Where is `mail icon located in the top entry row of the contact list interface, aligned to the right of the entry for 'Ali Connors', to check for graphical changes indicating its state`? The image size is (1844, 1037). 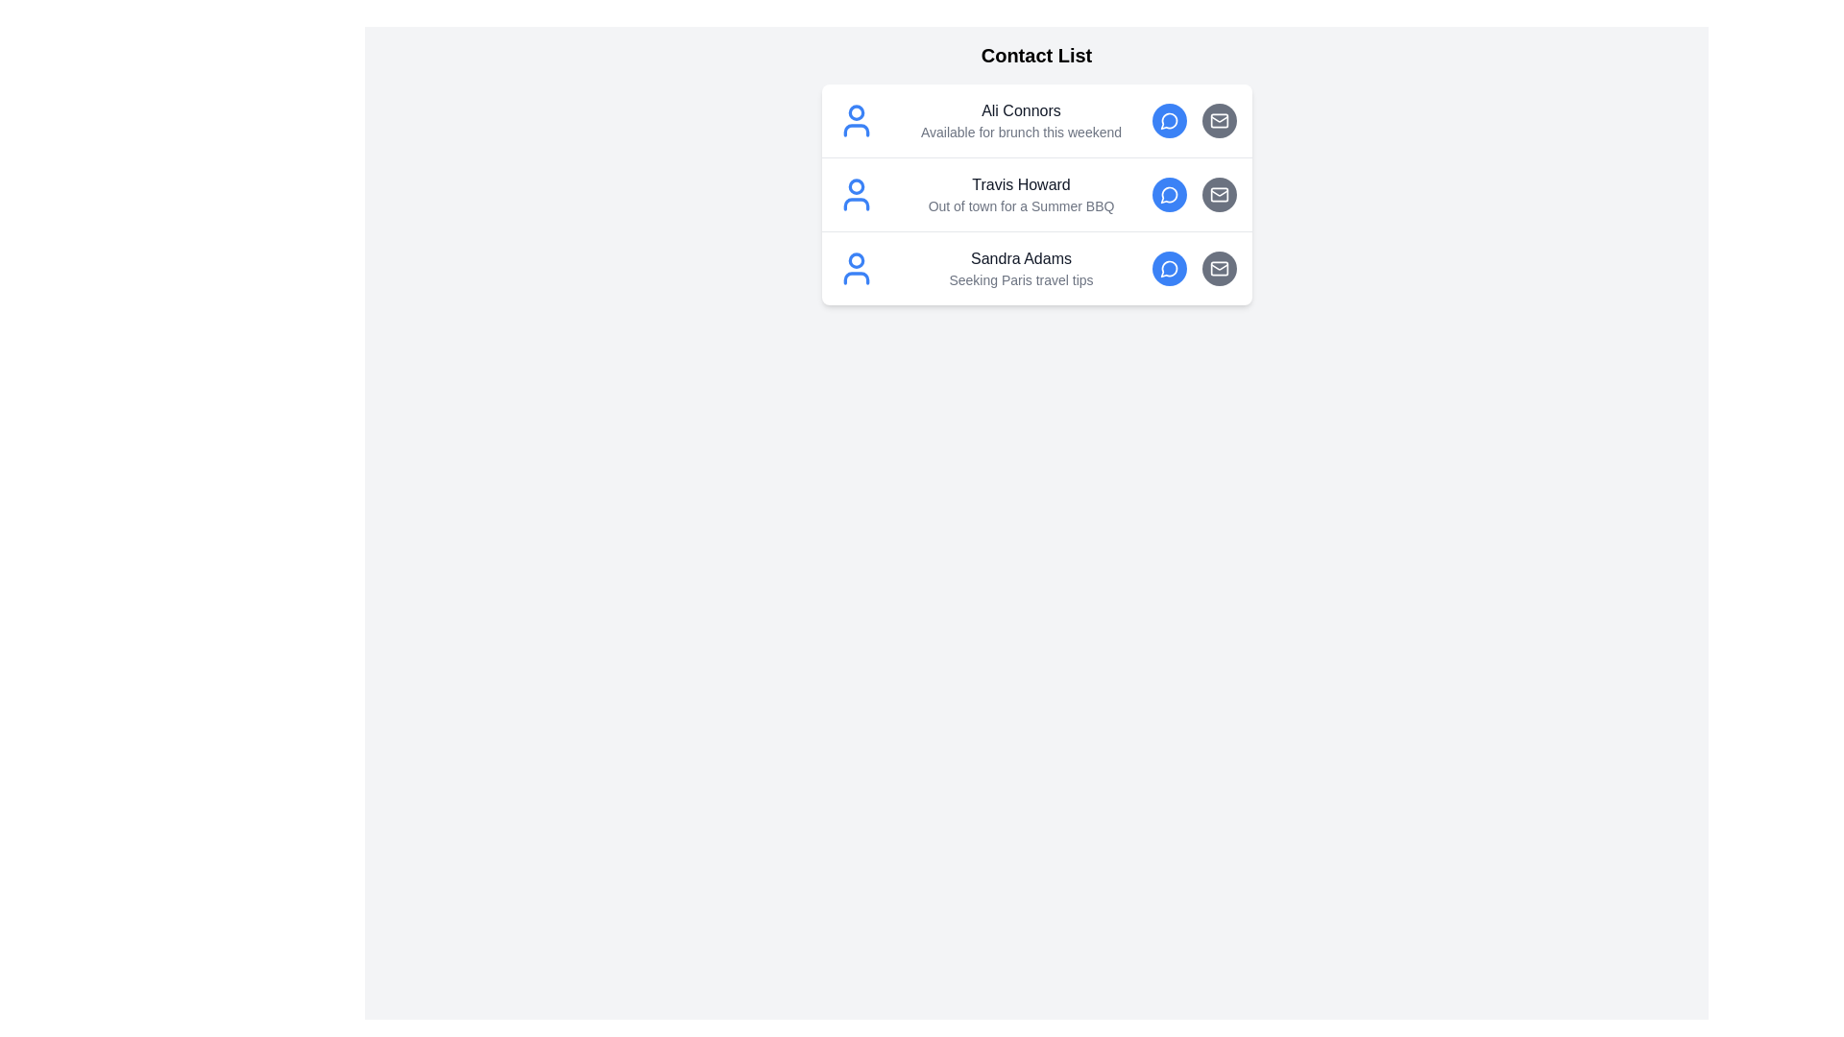
mail icon located in the top entry row of the contact list interface, aligned to the right of the entry for 'Ali Connors', to check for graphical changes indicating its state is located at coordinates (1218, 121).